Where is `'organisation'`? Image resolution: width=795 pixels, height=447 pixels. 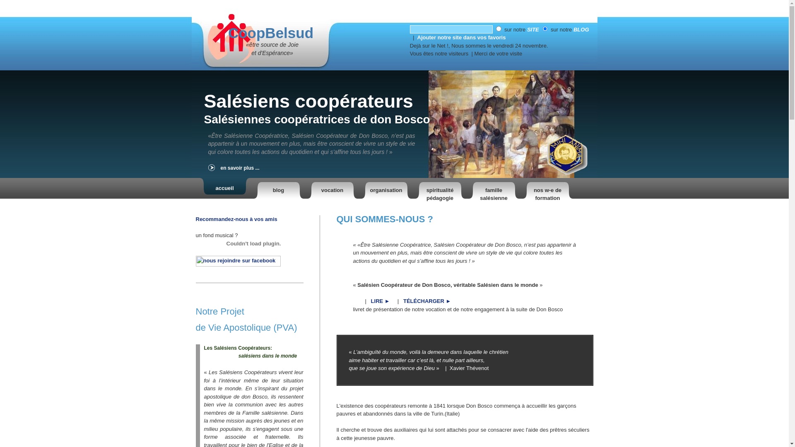 'organisation' is located at coordinates (361, 188).